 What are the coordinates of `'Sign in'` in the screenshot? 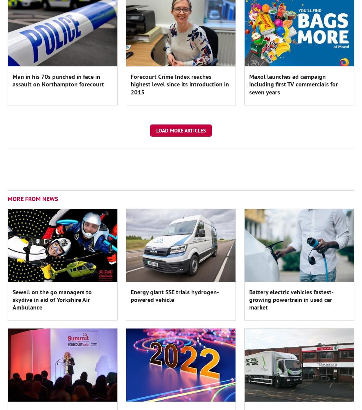 It's located at (128, 6).